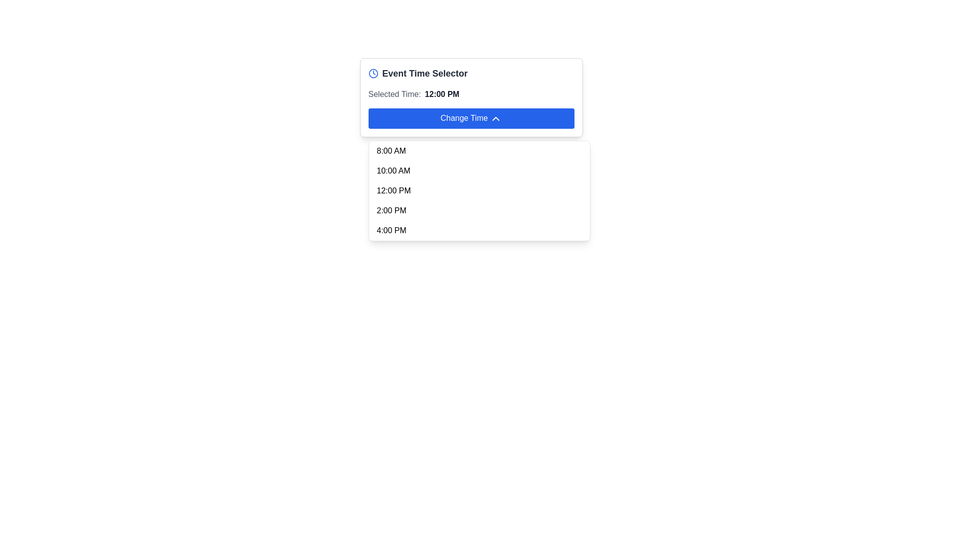 The height and width of the screenshot is (537, 955). Describe the element at coordinates (471, 118) in the screenshot. I see `the button that toggles the visibility of the dropdown list containing time options located in the 'Event Time Selector' section, positioned below the 'Selected Time' text` at that location.